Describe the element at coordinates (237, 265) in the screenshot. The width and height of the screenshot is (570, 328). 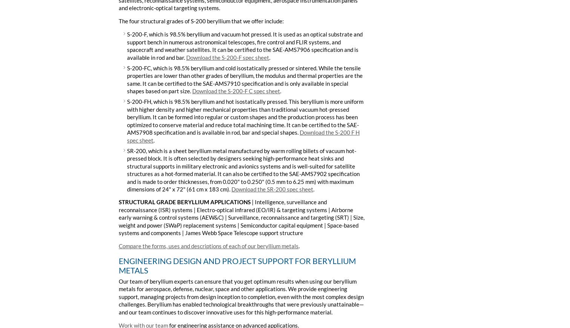
I see `'ENGINEERING DESIGN AND PROJECT SUPPORT FOR BERYLLIUM METALS'` at that location.